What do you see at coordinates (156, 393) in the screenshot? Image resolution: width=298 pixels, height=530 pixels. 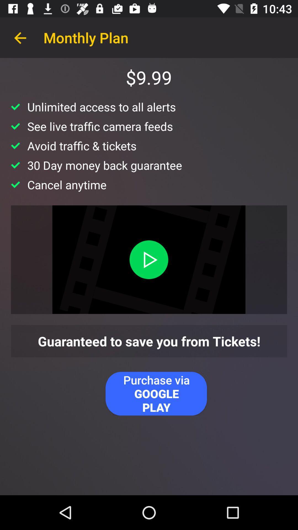 I see `purchase via google item` at bounding box center [156, 393].